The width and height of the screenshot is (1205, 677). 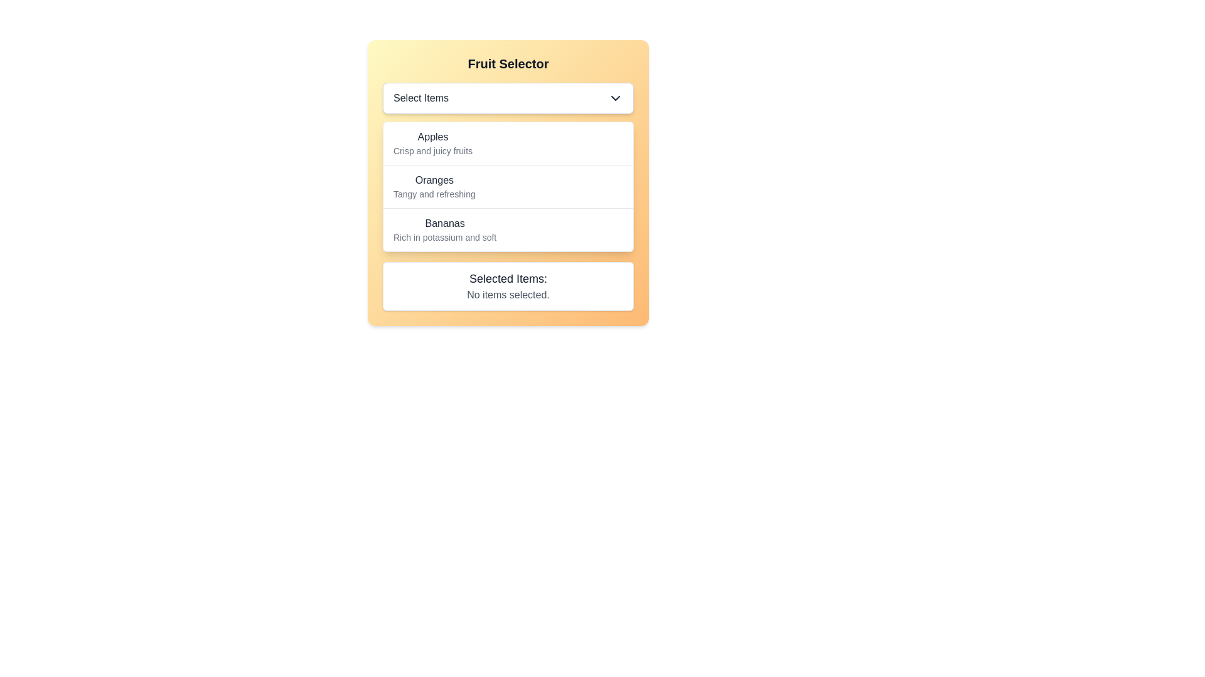 I want to click on the list item displaying 'Apples' with the description 'Crisp and juicy fruits', so click(x=433, y=142).